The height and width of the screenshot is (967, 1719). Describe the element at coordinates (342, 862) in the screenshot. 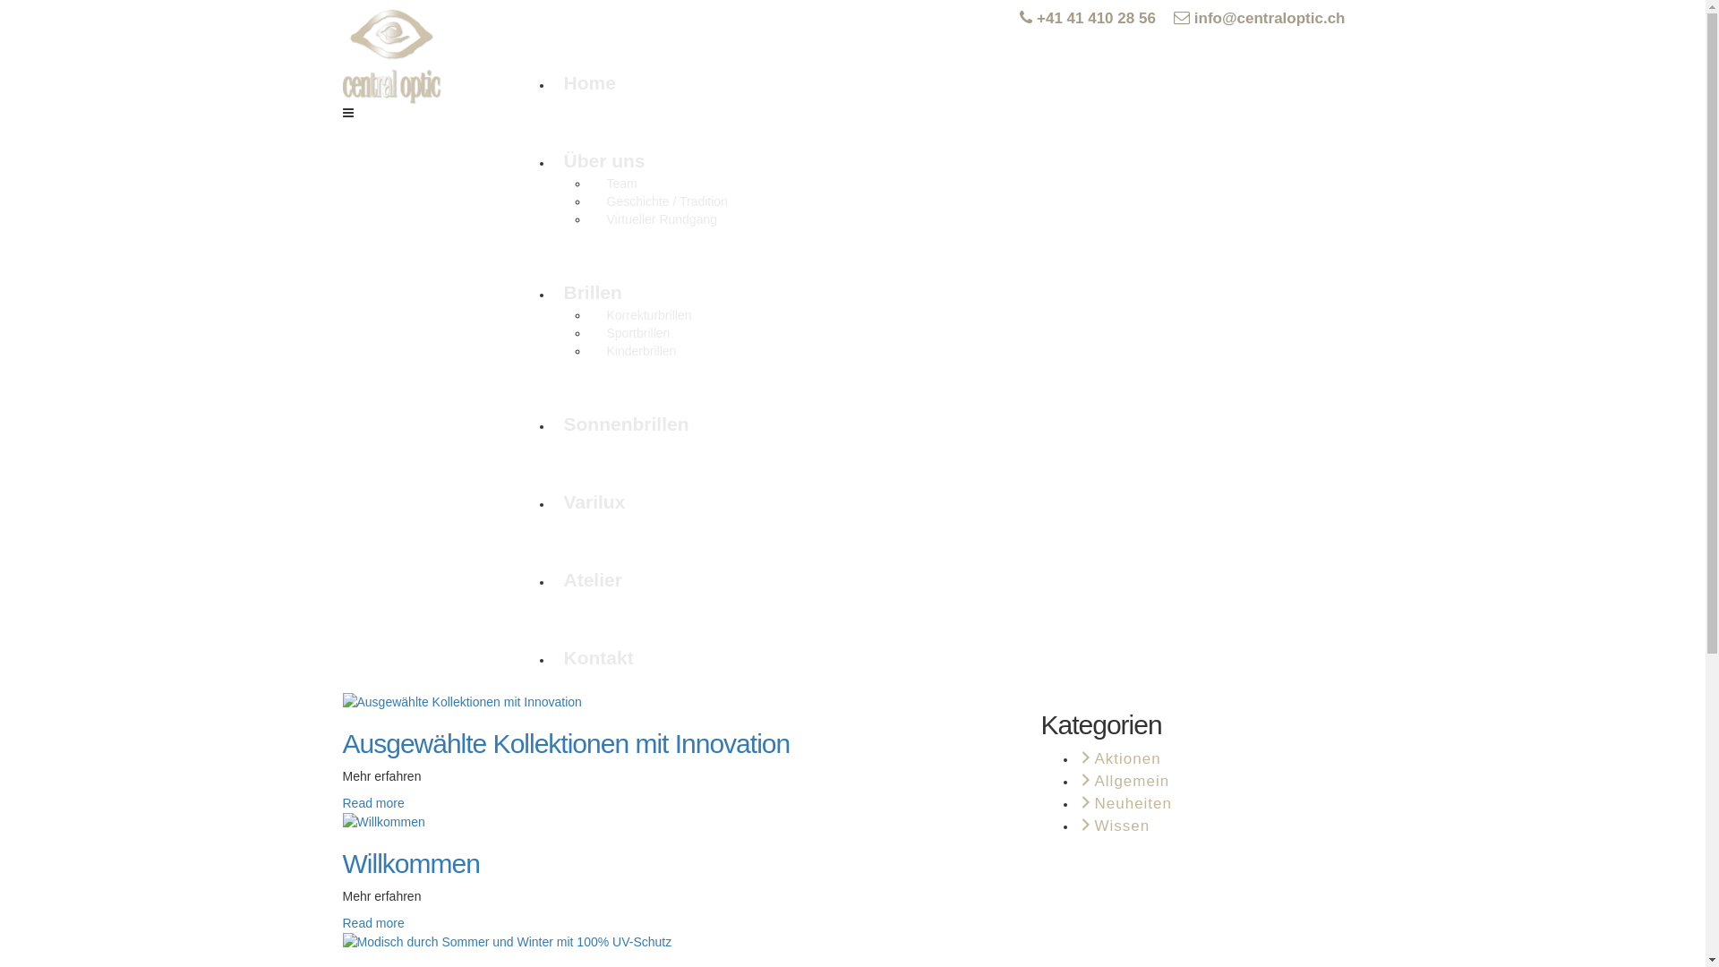

I see `'Willkommen'` at that location.